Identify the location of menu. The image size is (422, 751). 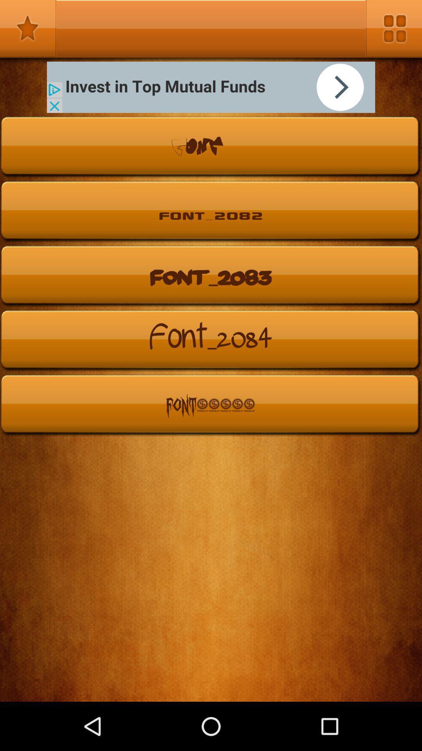
(393, 28).